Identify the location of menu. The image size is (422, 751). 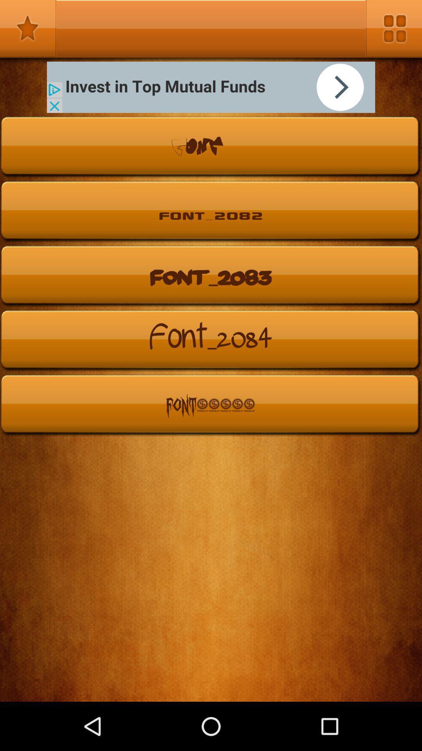
(393, 28).